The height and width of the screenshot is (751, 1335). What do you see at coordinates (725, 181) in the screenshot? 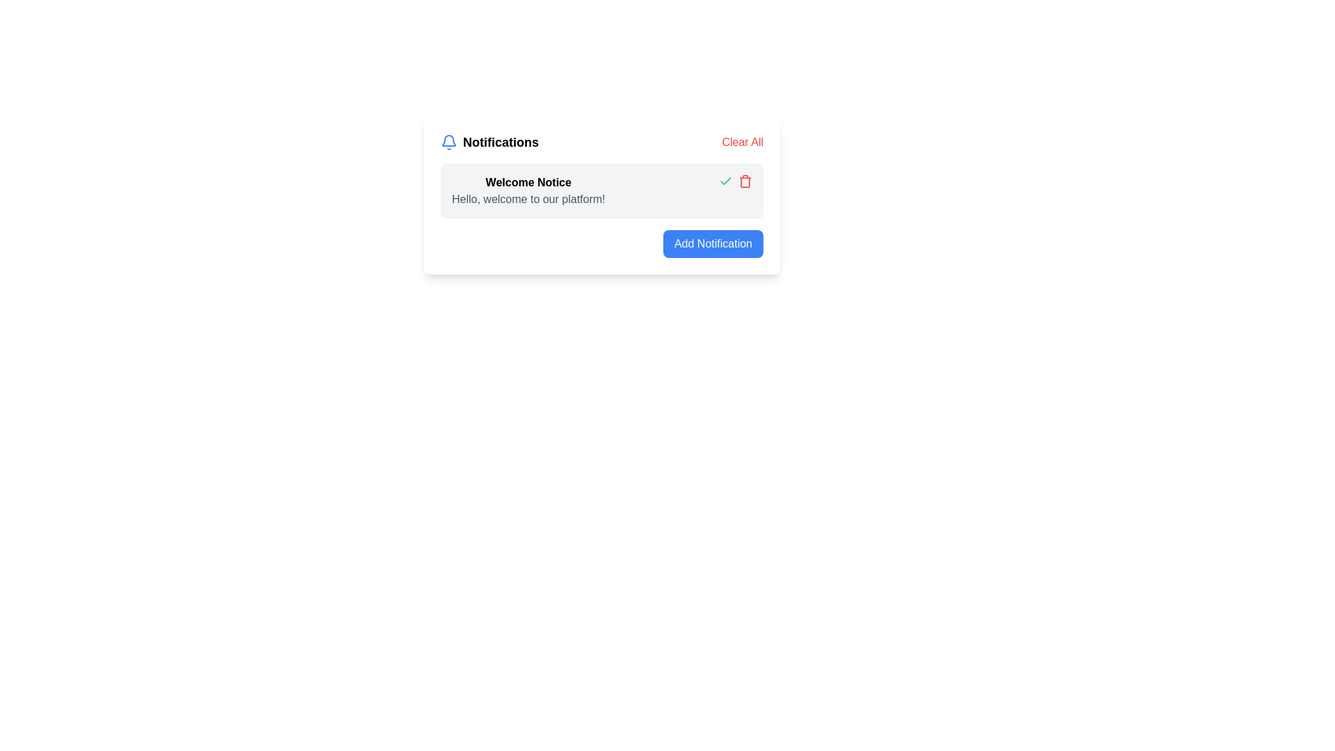
I see `the green checkmark icon (SVG) located to the right of the 'Welcome Notice' notification text` at bounding box center [725, 181].